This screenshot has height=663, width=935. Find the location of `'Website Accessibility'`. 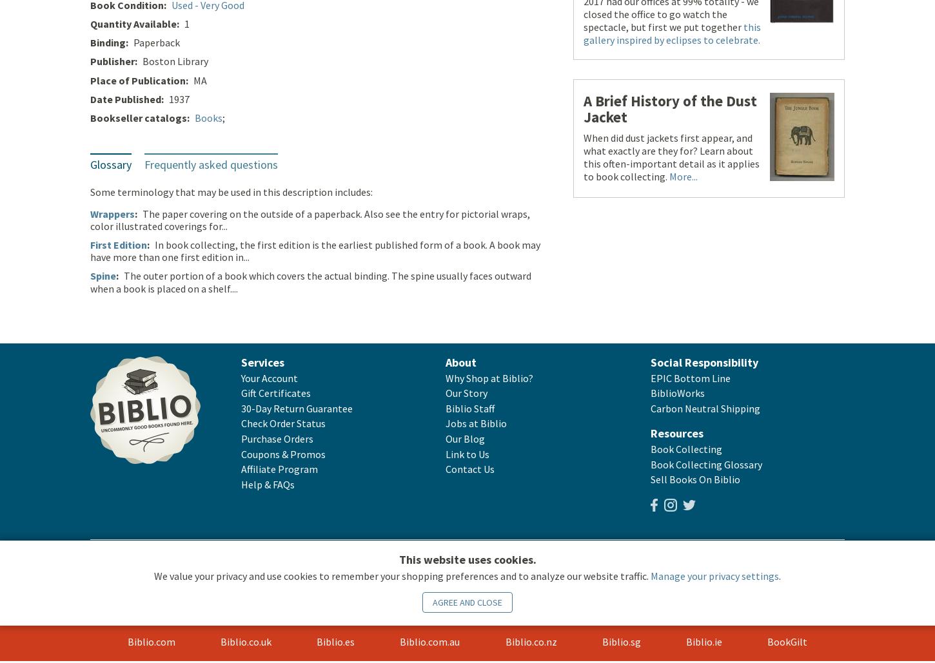

'Website Accessibility' is located at coordinates (238, 560).